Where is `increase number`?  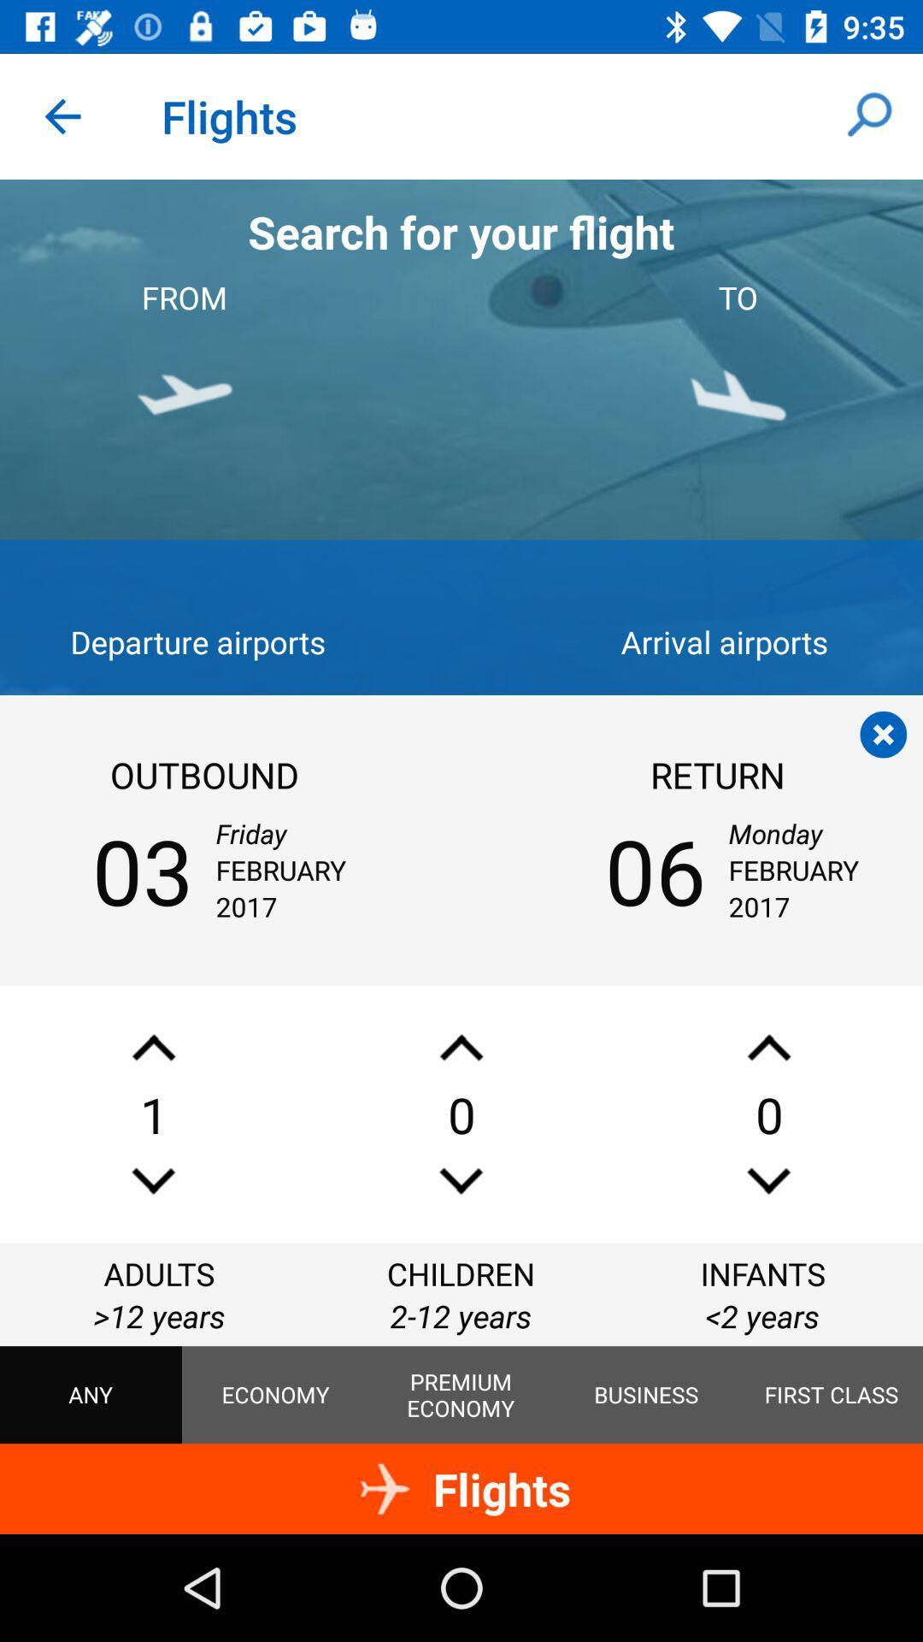 increase number is located at coordinates (154, 1047).